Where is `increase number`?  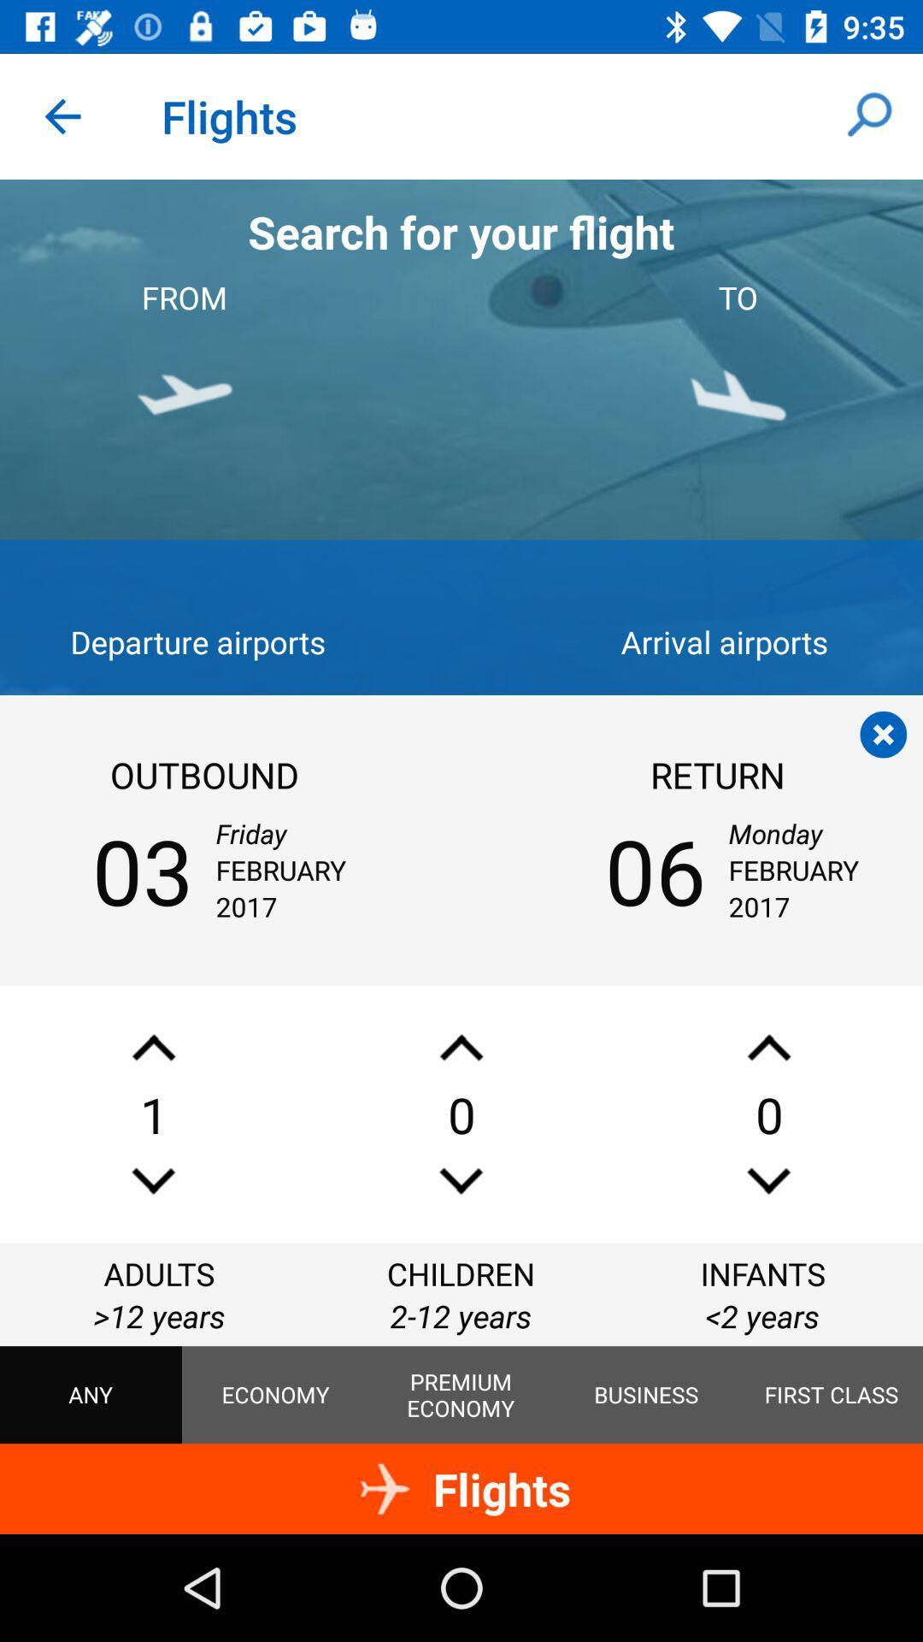 increase number is located at coordinates (154, 1047).